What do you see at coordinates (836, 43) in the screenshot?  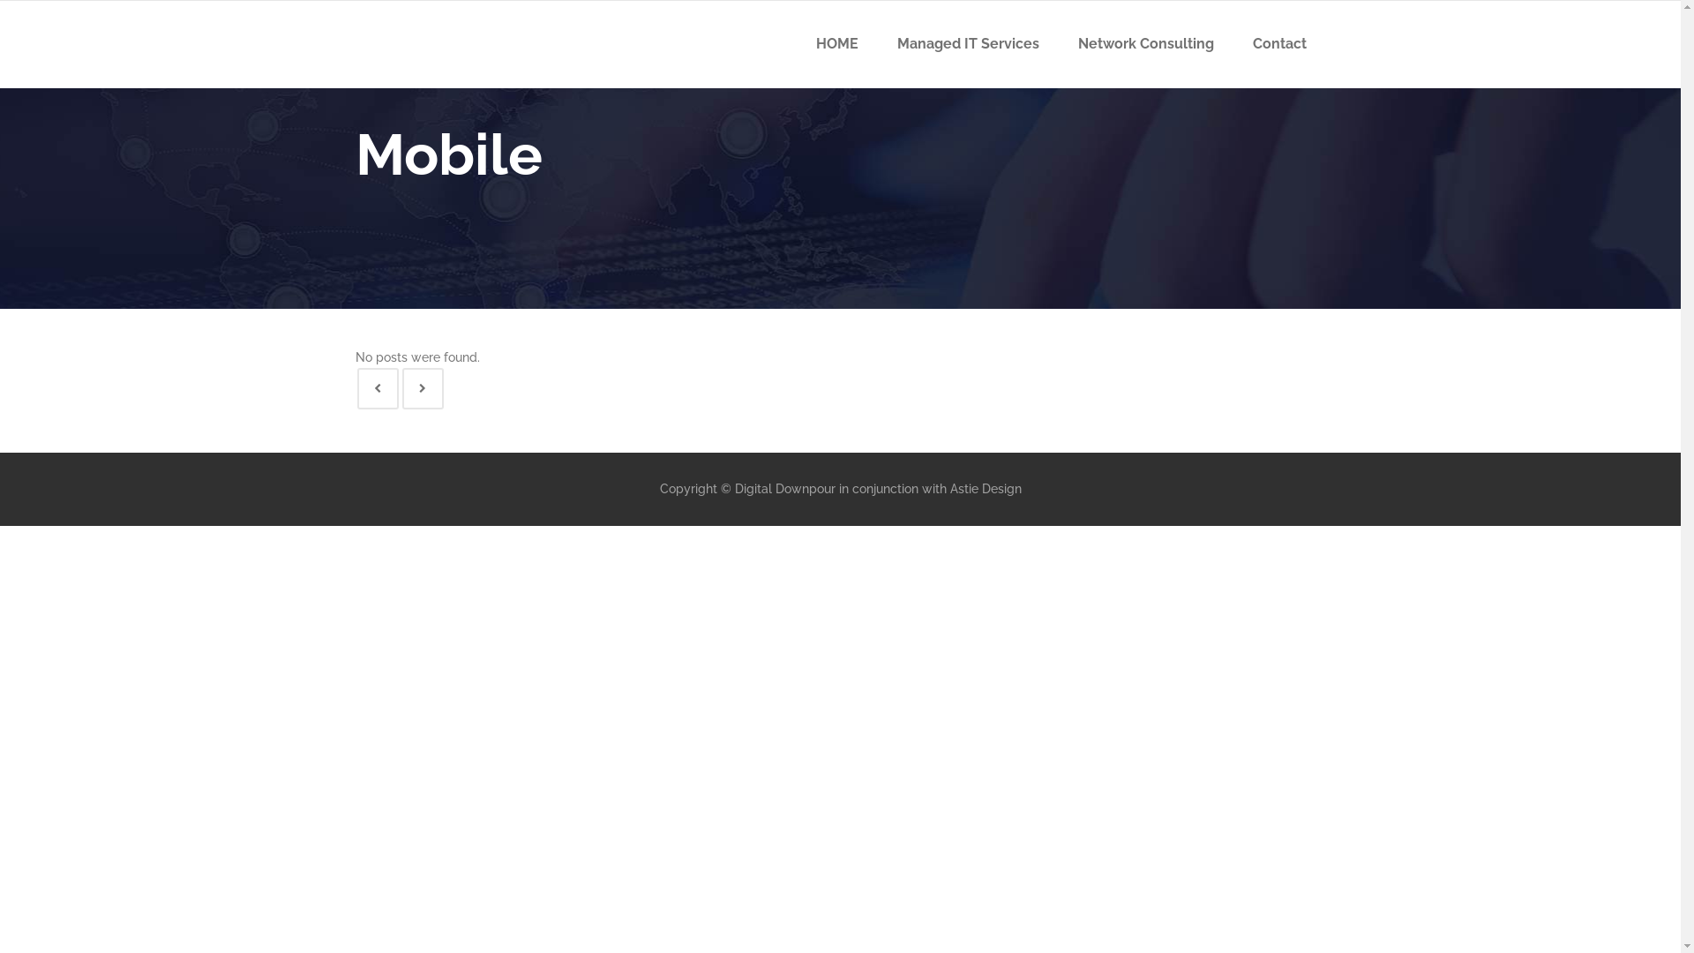 I see `'HOME'` at bounding box center [836, 43].